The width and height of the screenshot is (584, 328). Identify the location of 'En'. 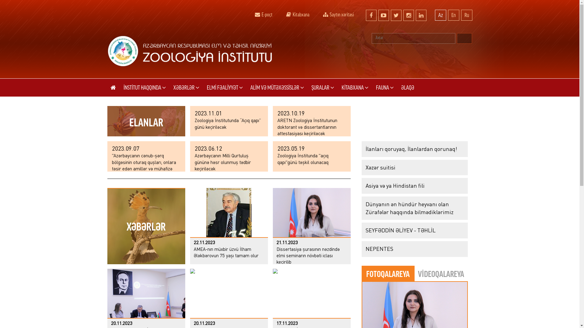
(448, 15).